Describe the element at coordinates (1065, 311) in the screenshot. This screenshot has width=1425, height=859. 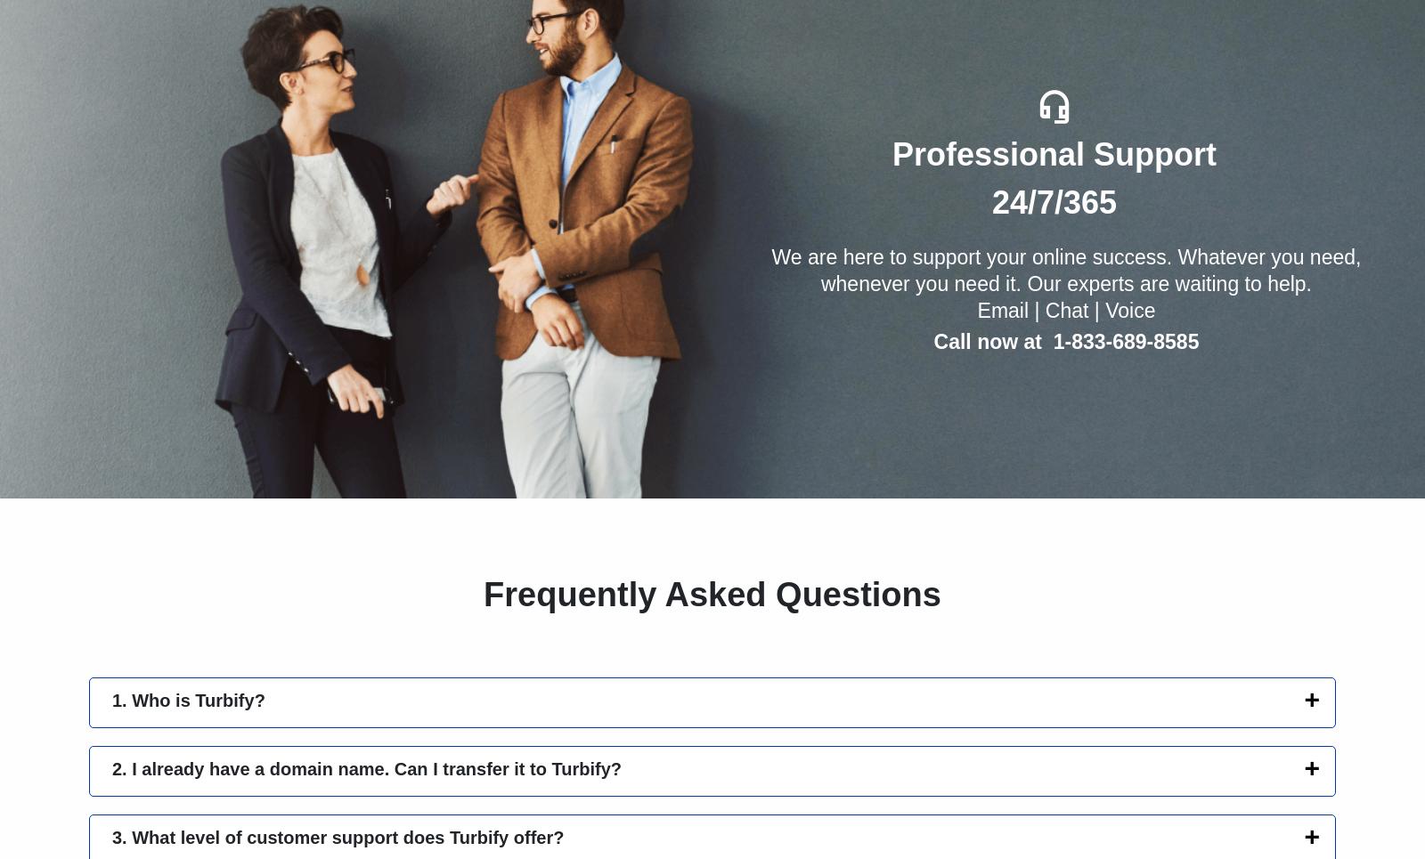
I see `'Email | Chat | Voice'` at that location.